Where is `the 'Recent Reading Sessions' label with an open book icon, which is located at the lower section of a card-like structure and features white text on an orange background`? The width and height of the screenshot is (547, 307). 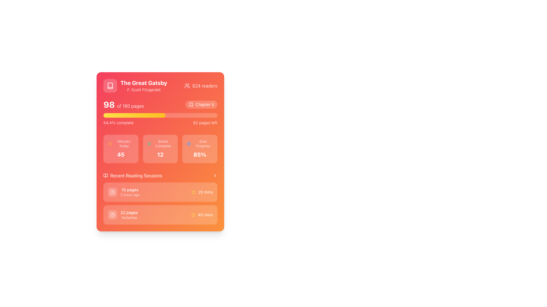
the 'Recent Reading Sessions' label with an open book icon, which is located at the lower section of a card-like structure and features white text on an orange background is located at coordinates (132, 175).